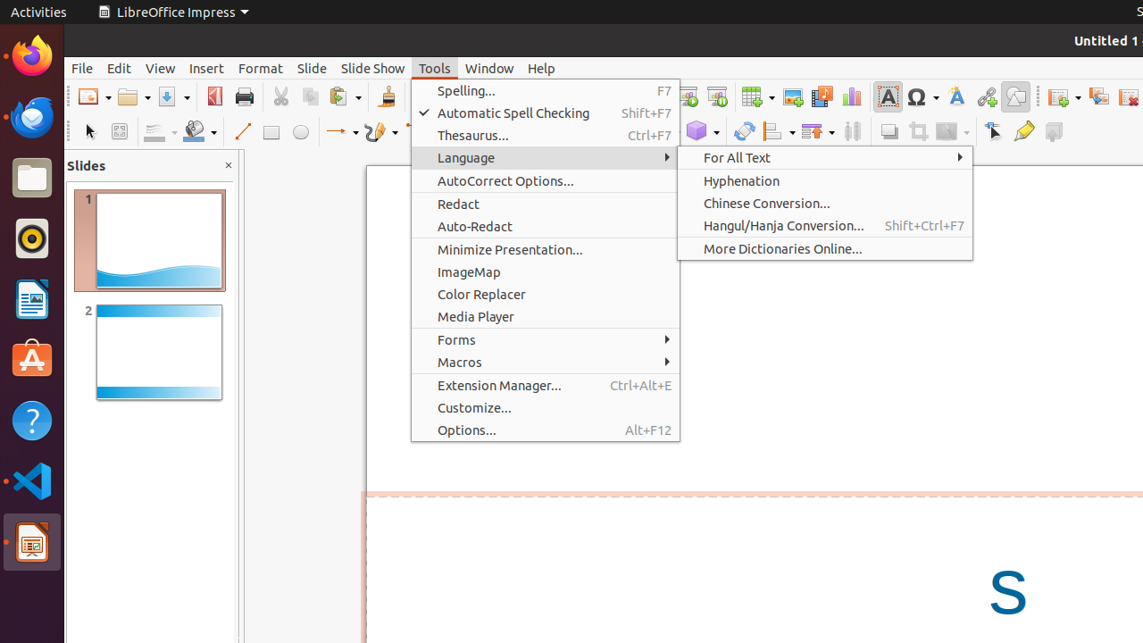  Describe the element at coordinates (312, 67) in the screenshot. I see `'Slide'` at that location.